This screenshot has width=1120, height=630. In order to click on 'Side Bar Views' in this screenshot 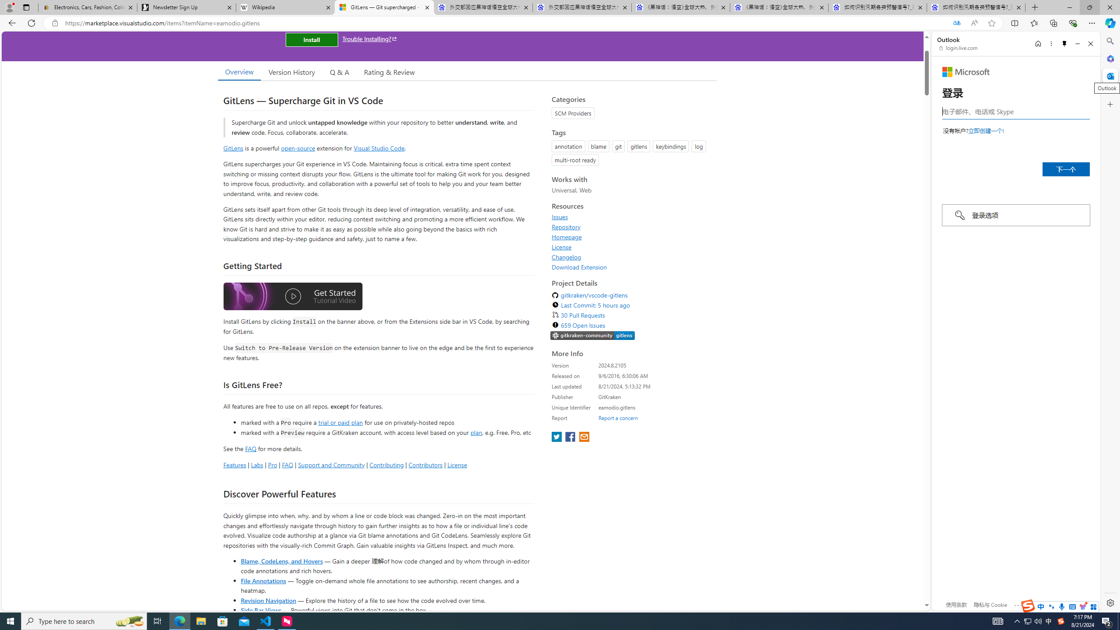, I will do `click(260, 609)`.